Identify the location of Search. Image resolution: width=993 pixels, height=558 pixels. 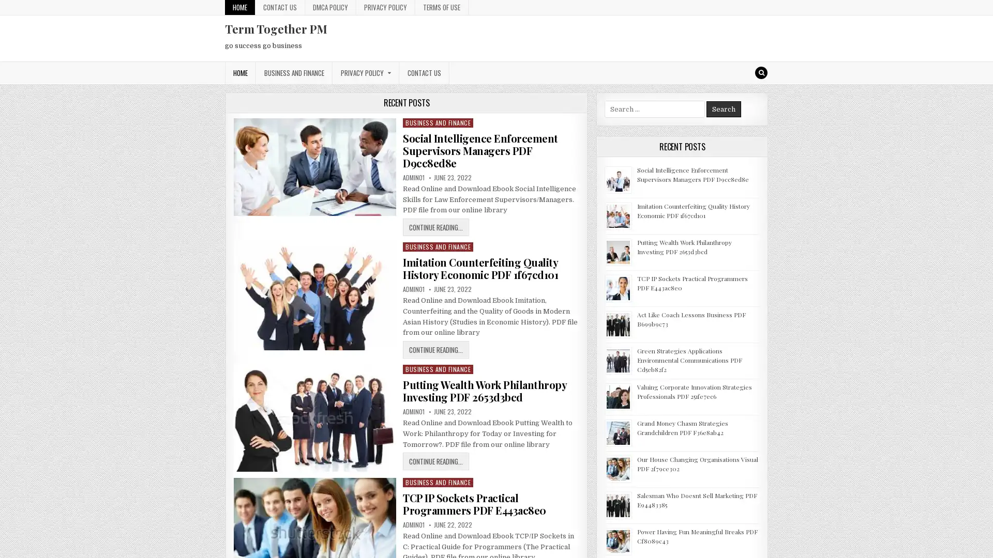
(723, 109).